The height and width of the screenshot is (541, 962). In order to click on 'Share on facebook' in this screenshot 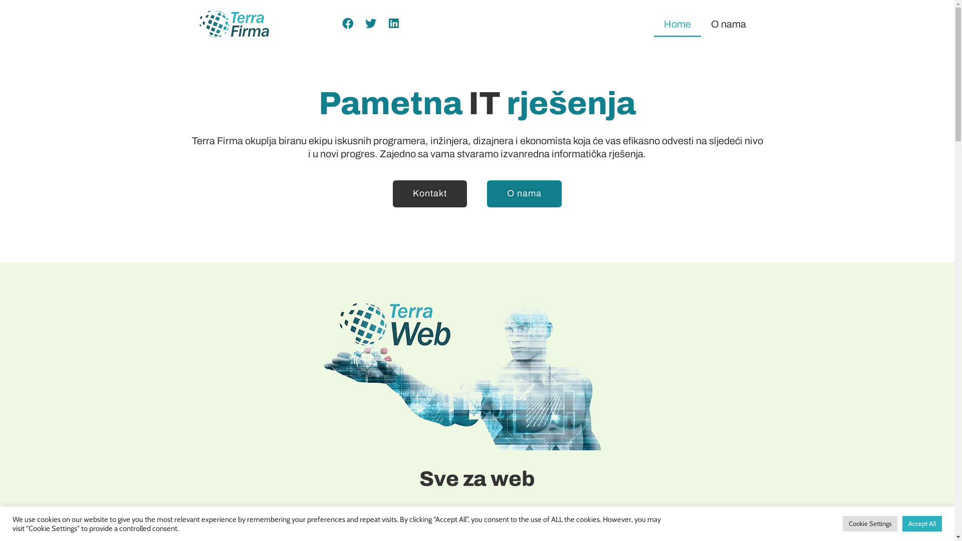, I will do `click(348, 23)`.